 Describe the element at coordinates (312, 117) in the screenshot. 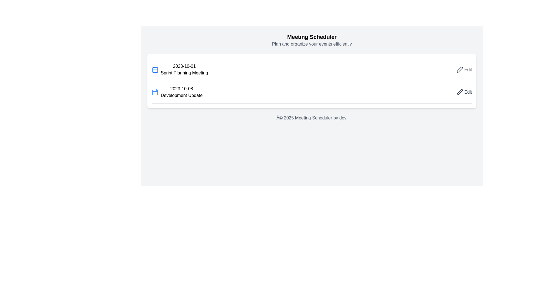

I see `the static text element displaying '© 2025 Meeting Scheduler by dev.' which is centered horizontally below the main content` at that location.